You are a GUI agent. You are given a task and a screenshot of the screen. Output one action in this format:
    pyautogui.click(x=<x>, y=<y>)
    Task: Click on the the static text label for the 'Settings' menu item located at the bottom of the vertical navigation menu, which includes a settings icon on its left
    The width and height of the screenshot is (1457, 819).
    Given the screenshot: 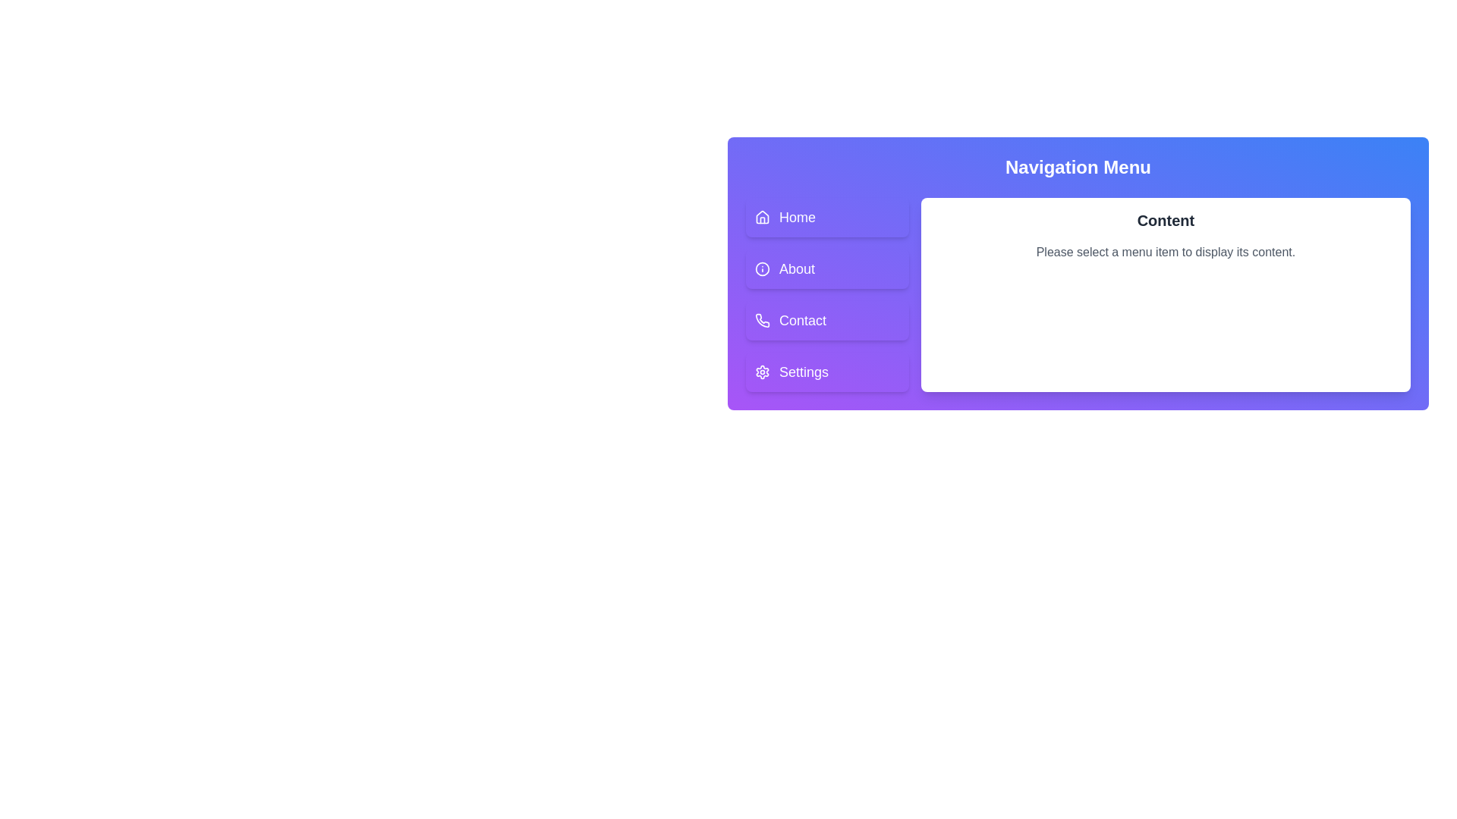 What is the action you would take?
    pyautogui.click(x=803, y=372)
    